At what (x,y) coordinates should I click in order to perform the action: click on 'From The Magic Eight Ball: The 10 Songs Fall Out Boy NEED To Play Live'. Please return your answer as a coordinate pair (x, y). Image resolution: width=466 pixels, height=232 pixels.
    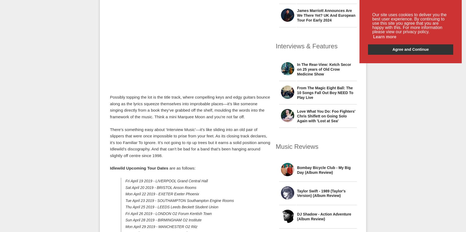
    Looking at the image, I should click on (297, 92).